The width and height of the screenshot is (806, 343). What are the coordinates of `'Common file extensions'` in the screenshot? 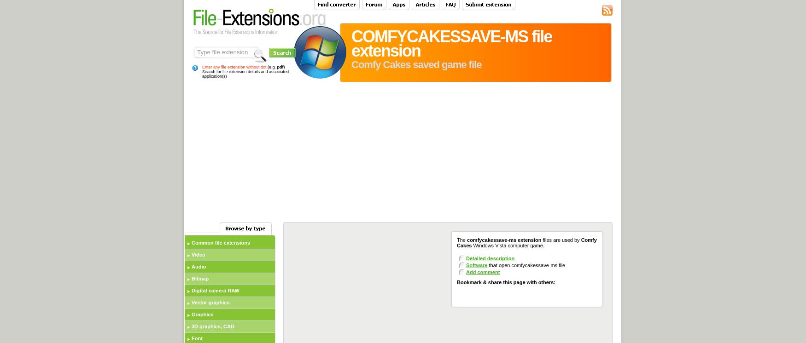 It's located at (221, 243).